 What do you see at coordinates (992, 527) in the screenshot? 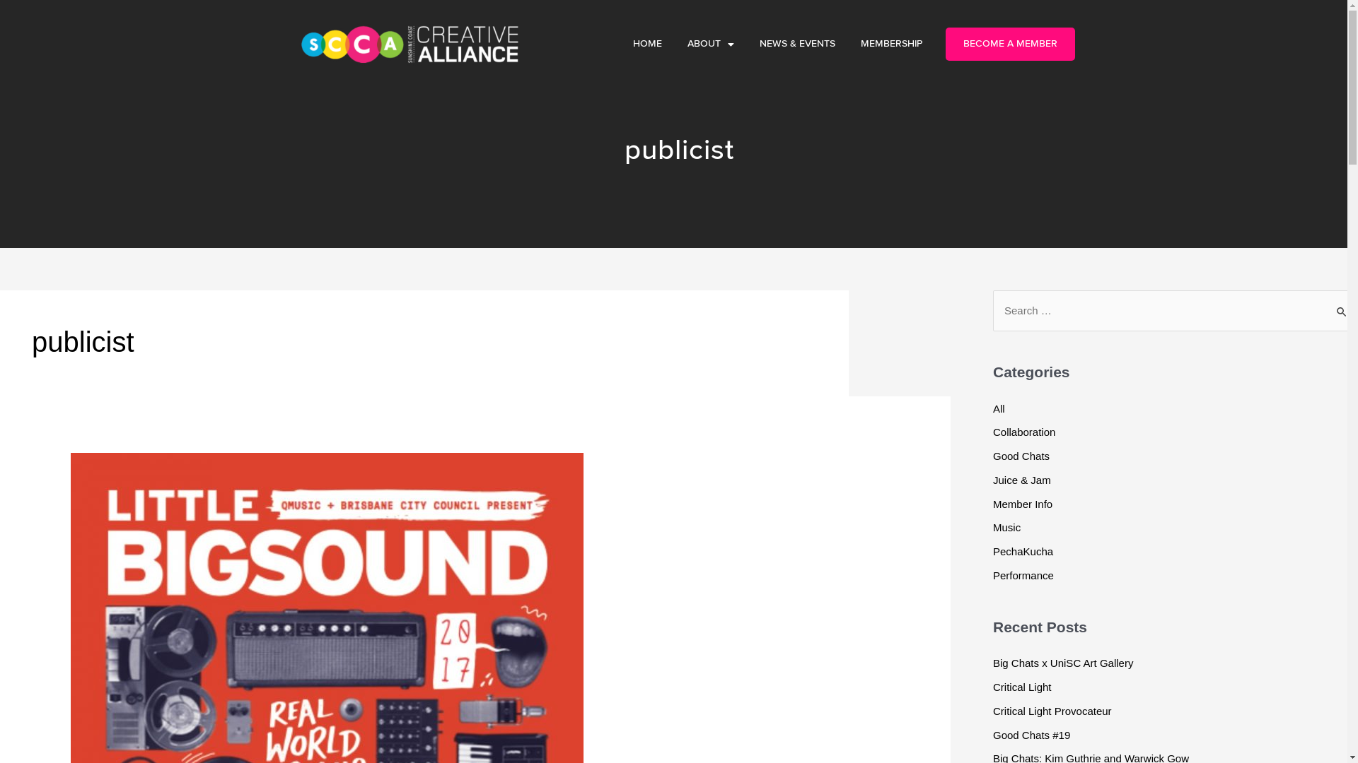
I see `'Music'` at bounding box center [992, 527].